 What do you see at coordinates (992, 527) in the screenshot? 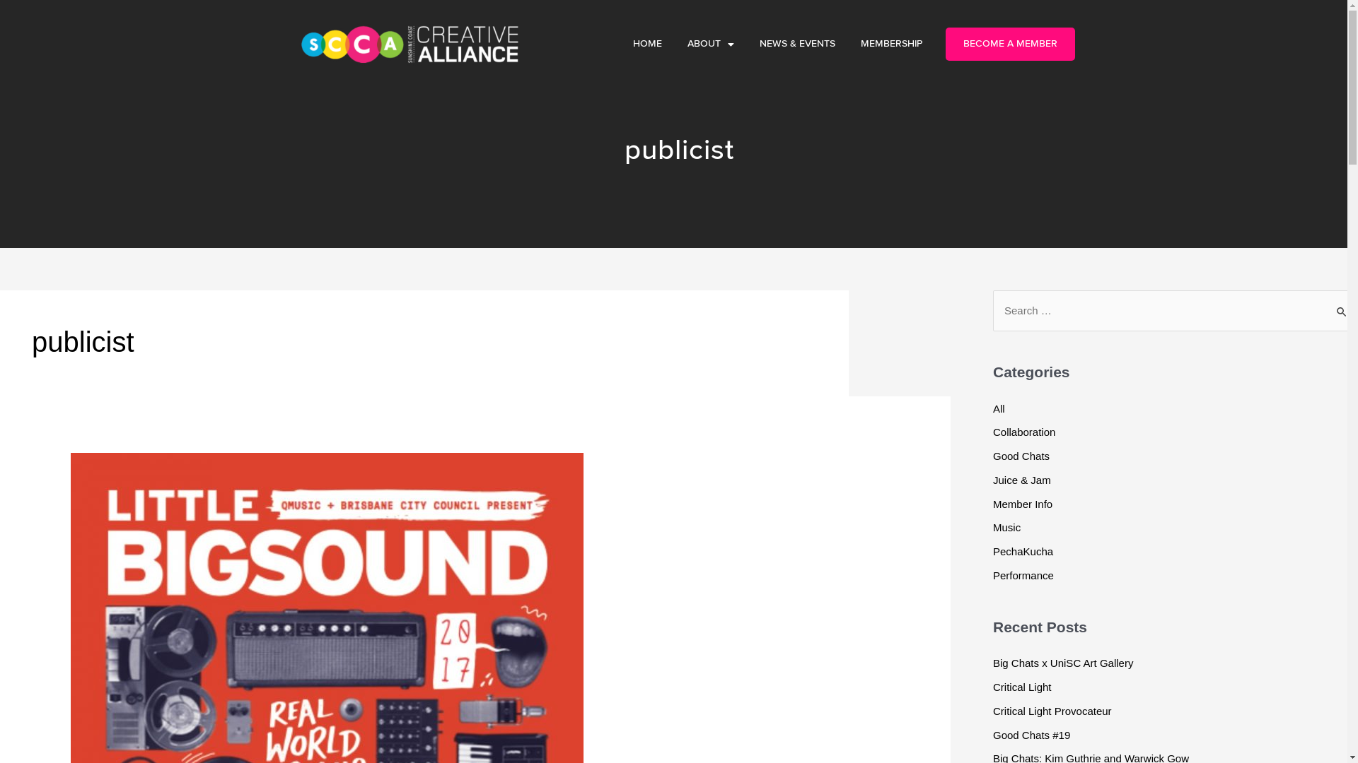
I see `'Music'` at bounding box center [992, 527].